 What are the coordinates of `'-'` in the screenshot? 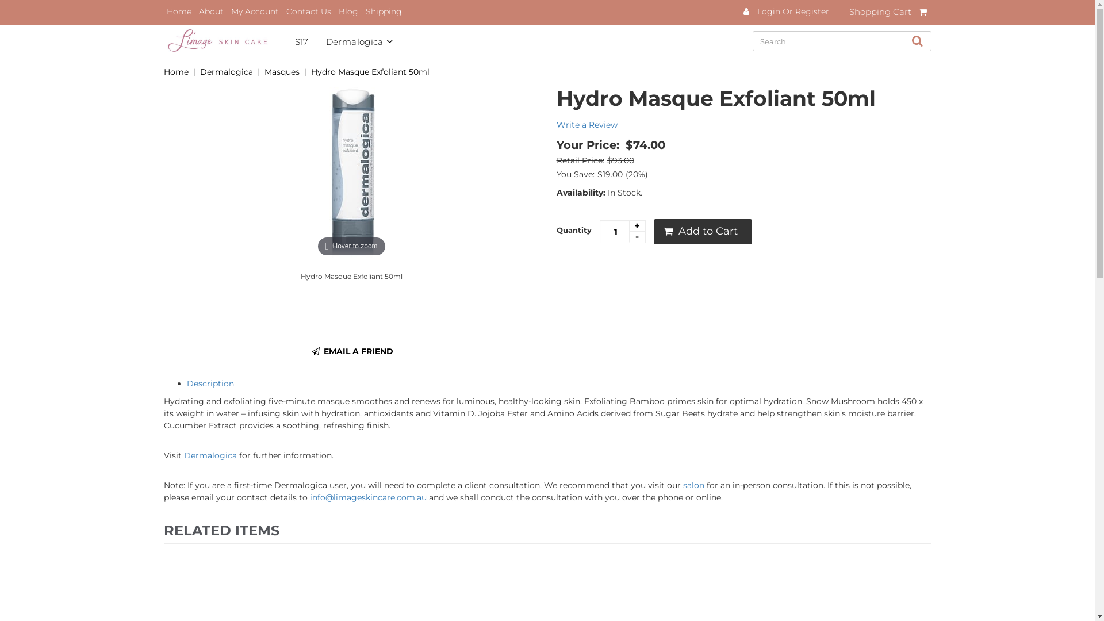 It's located at (637, 236).